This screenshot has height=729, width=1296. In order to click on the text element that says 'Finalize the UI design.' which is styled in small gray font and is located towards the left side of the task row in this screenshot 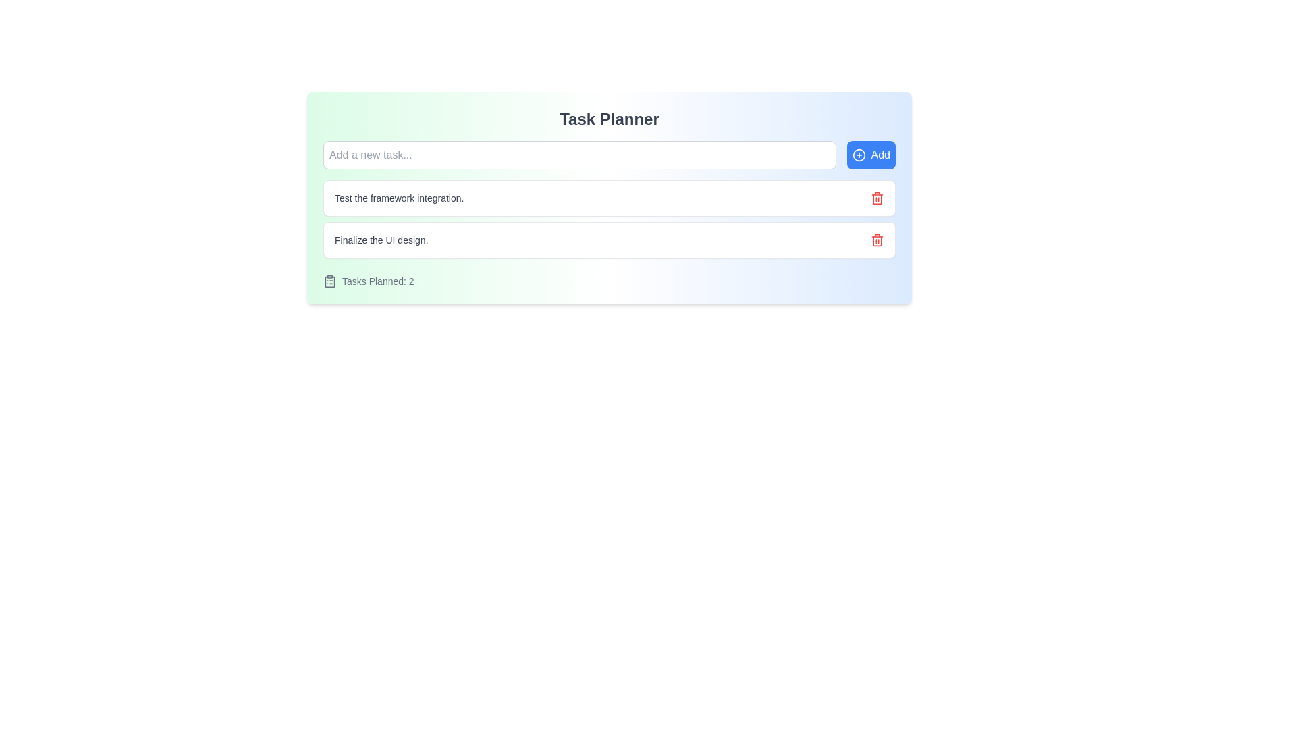, I will do `click(381, 239)`.